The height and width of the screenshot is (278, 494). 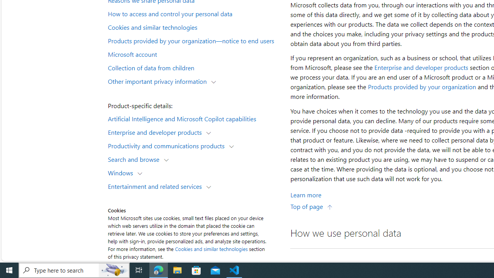 What do you see at coordinates (167, 145) in the screenshot?
I see `'Productivity and communications products'` at bounding box center [167, 145].